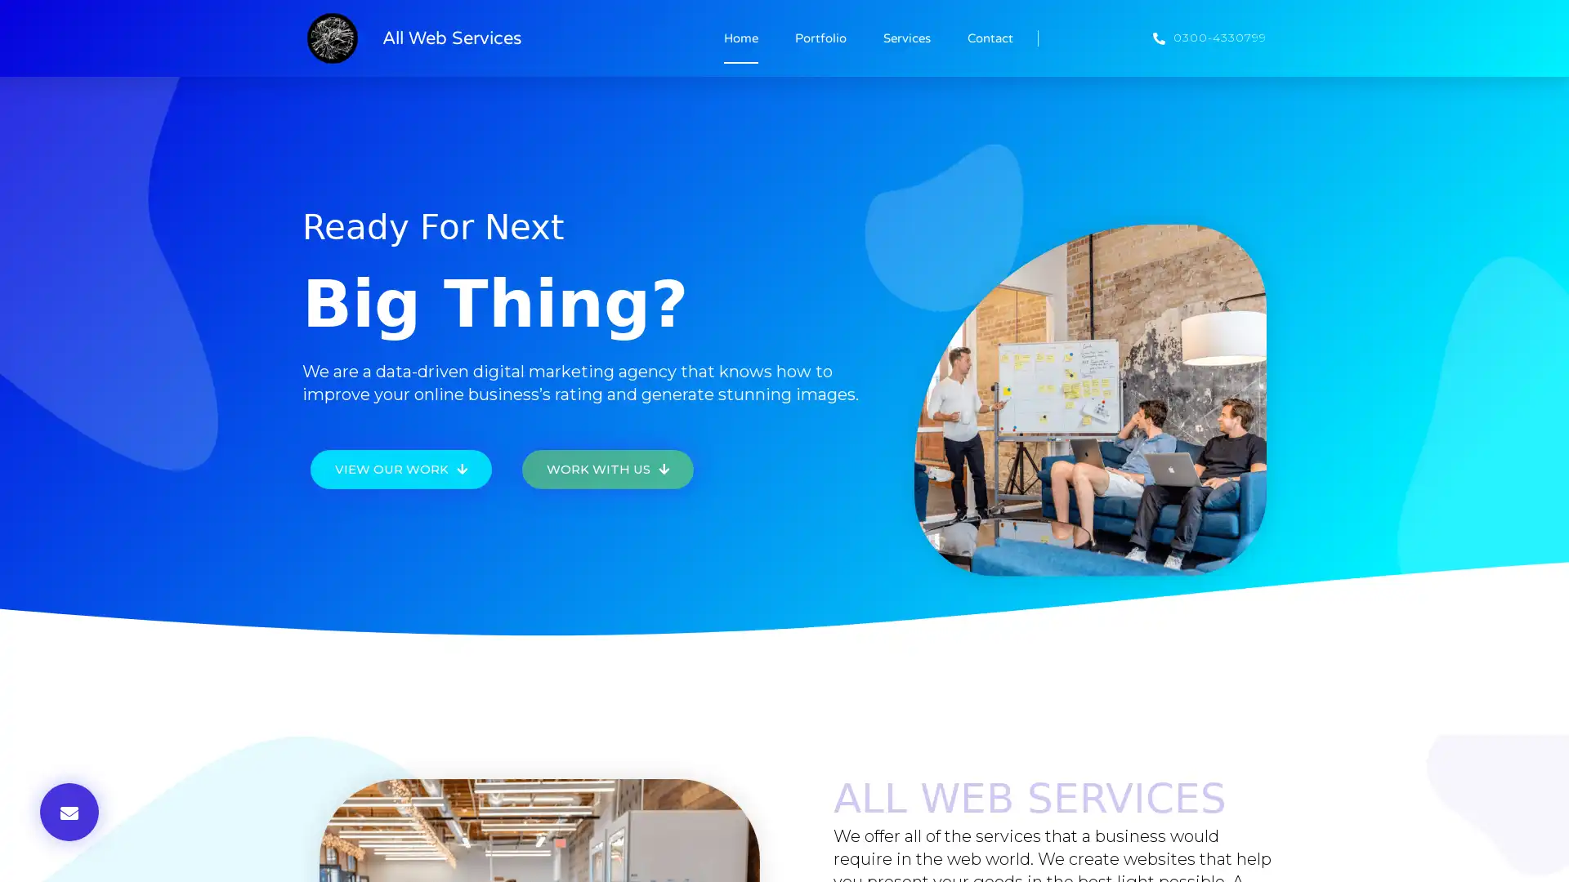  I want to click on WORK WITH US, so click(607, 469).